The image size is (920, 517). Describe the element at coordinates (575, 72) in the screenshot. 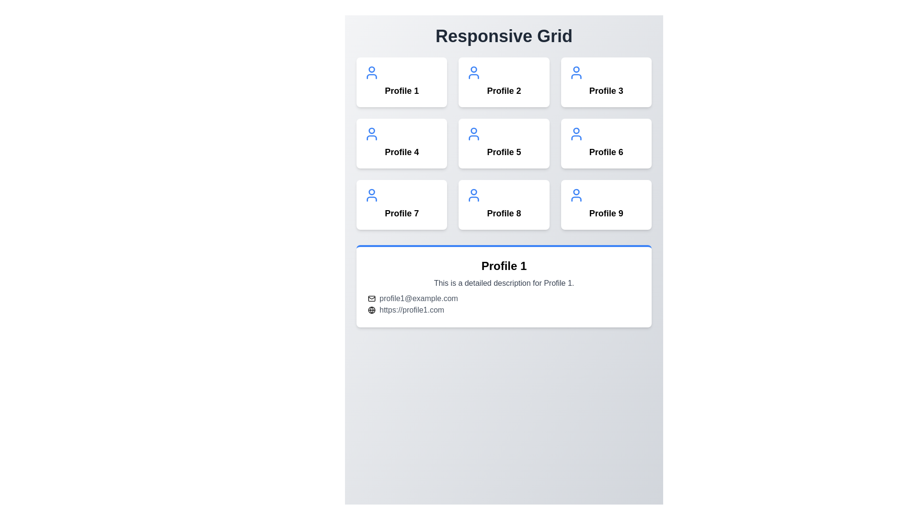

I see `the profile icon representing 'Profile 3', which is located at the upper center of its box among a grid of nine profile boxes` at that location.